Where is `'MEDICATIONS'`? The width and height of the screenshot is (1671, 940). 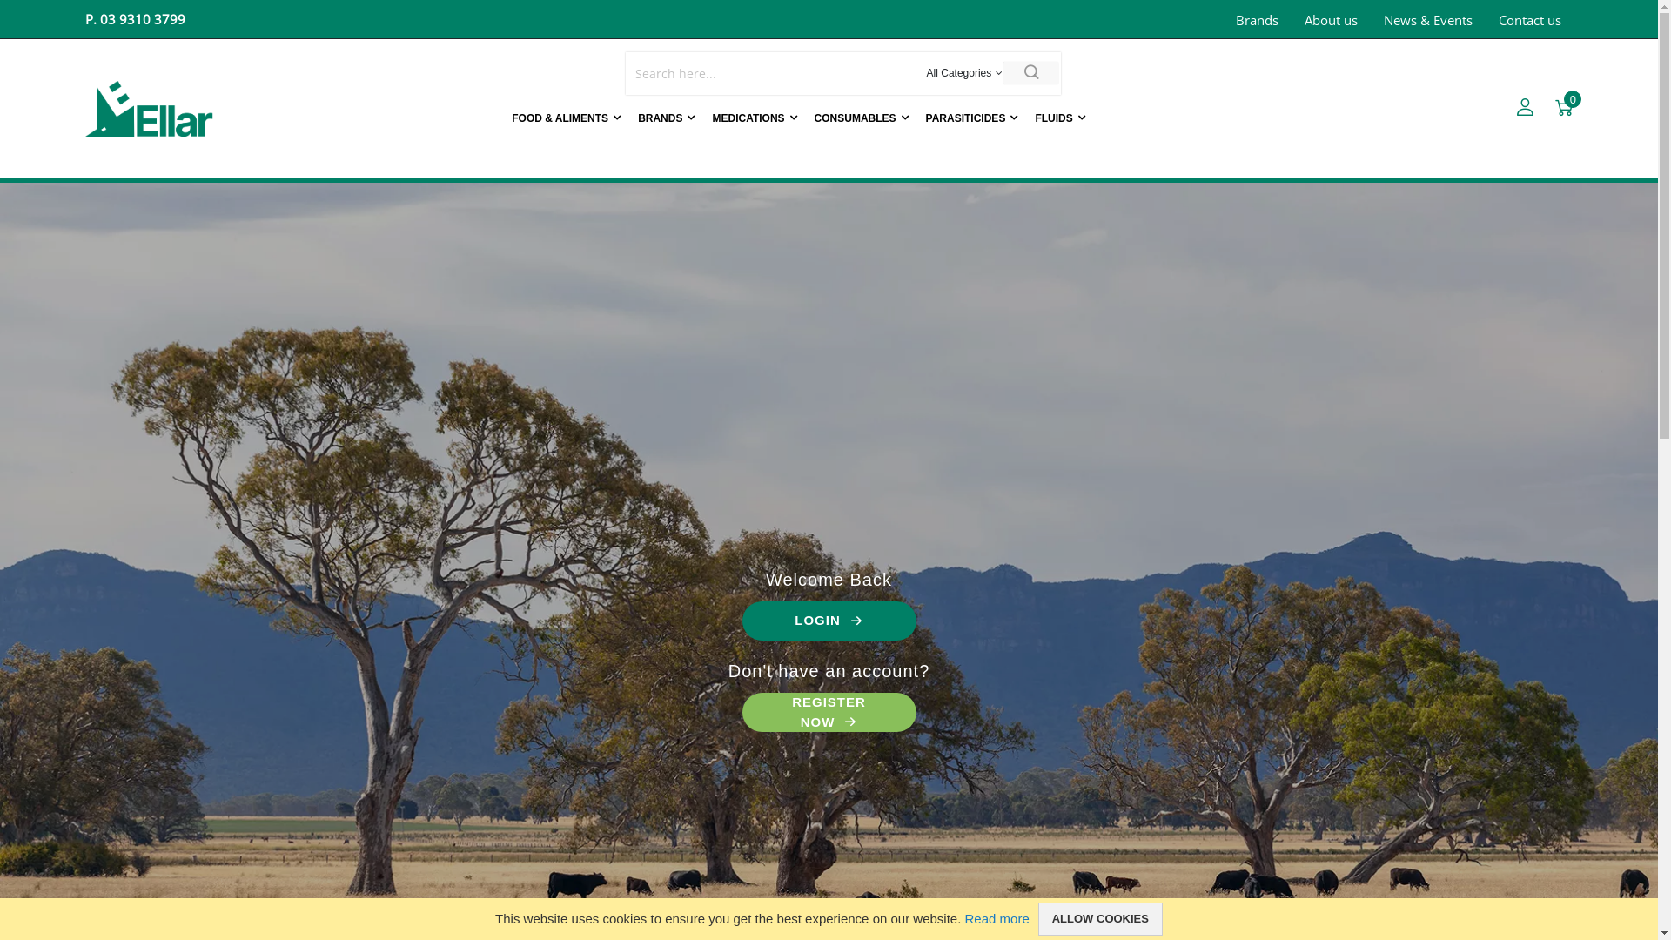
'MEDICATIONS' is located at coordinates (702, 117).